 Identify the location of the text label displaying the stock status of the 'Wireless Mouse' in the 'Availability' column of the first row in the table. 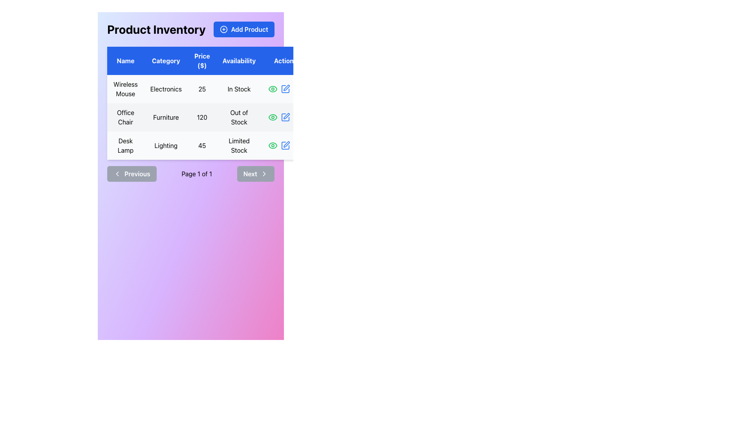
(239, 89).